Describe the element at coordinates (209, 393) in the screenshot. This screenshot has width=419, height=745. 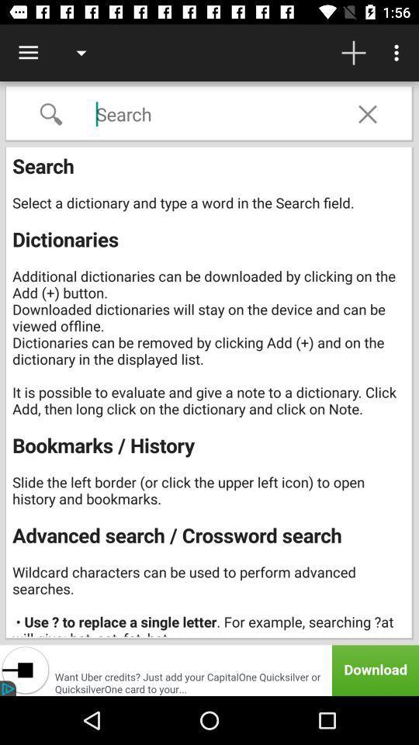
I see `the search select a` at that location.